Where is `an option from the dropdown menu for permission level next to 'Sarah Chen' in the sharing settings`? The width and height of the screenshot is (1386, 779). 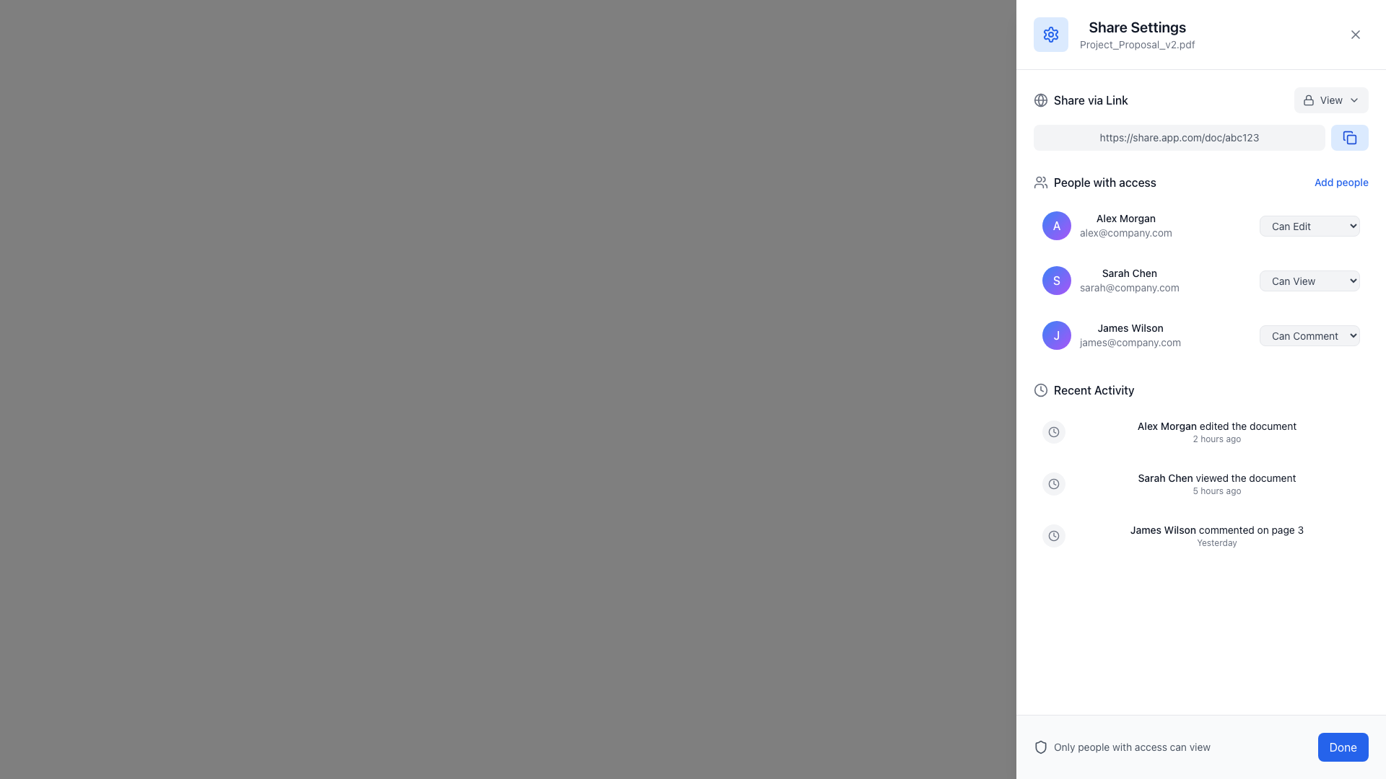
an option from the dropdown menu for permission level next to 'Sarah Chen' in the sharing settings is located at coordinates (1309, 281).